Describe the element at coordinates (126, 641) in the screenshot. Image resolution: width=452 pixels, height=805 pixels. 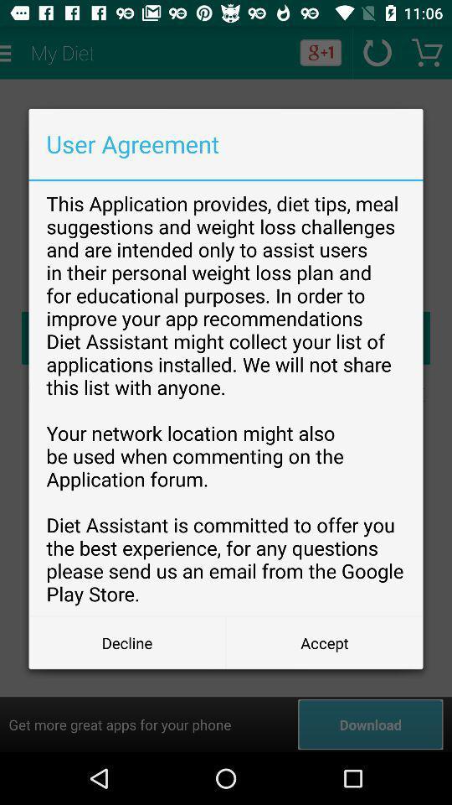
I see `the decline` at that location.